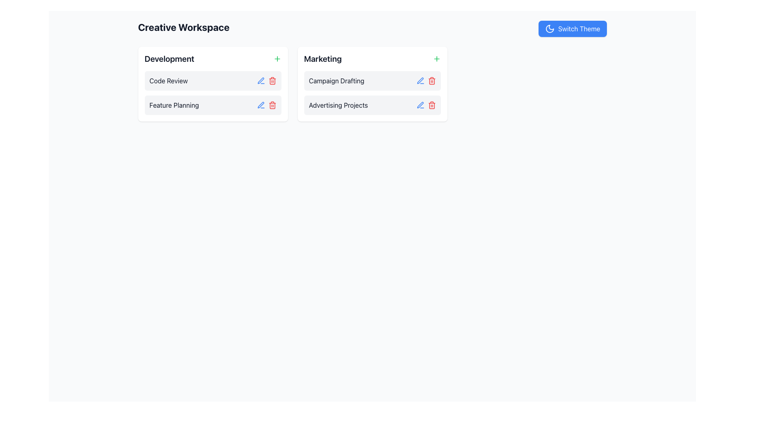 The image size is (781, 439). I want to click on the green circular '+' icon button in the top-right corner of the 'Development' section, so click(277, 59).